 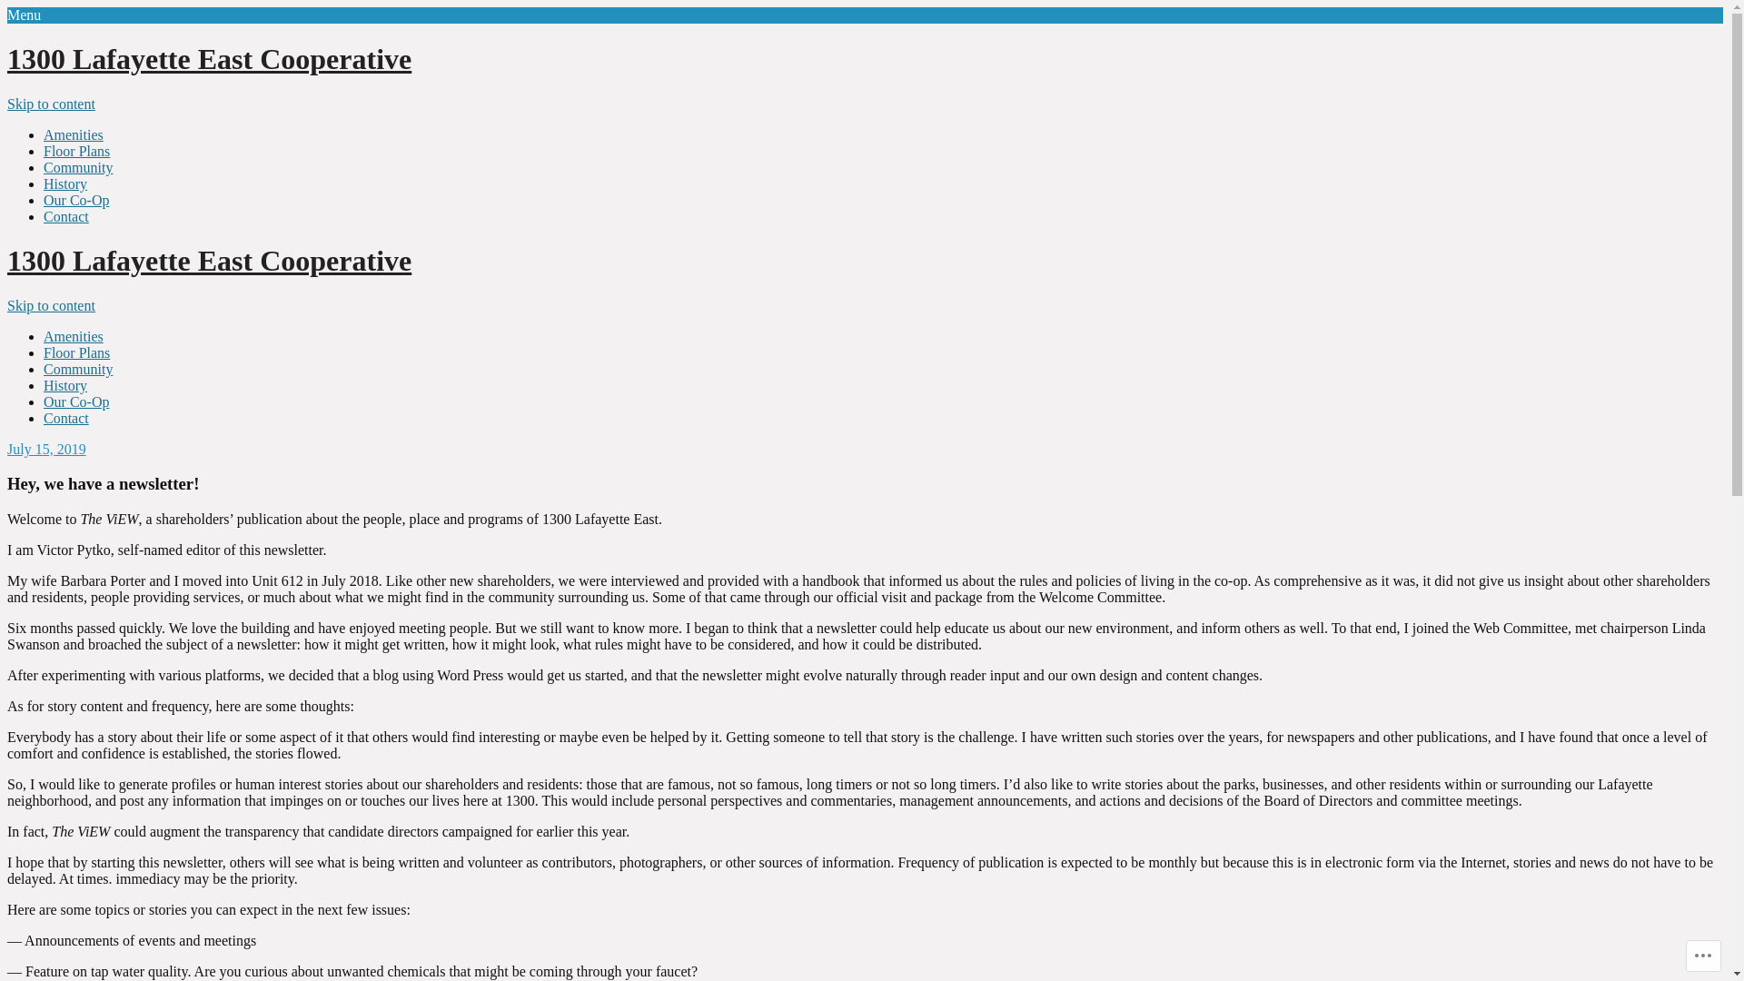 What do you see at coordinates (46, 449) in the screenshot?
I see `'July 15, 2019'` at bounding box center [46, 449].